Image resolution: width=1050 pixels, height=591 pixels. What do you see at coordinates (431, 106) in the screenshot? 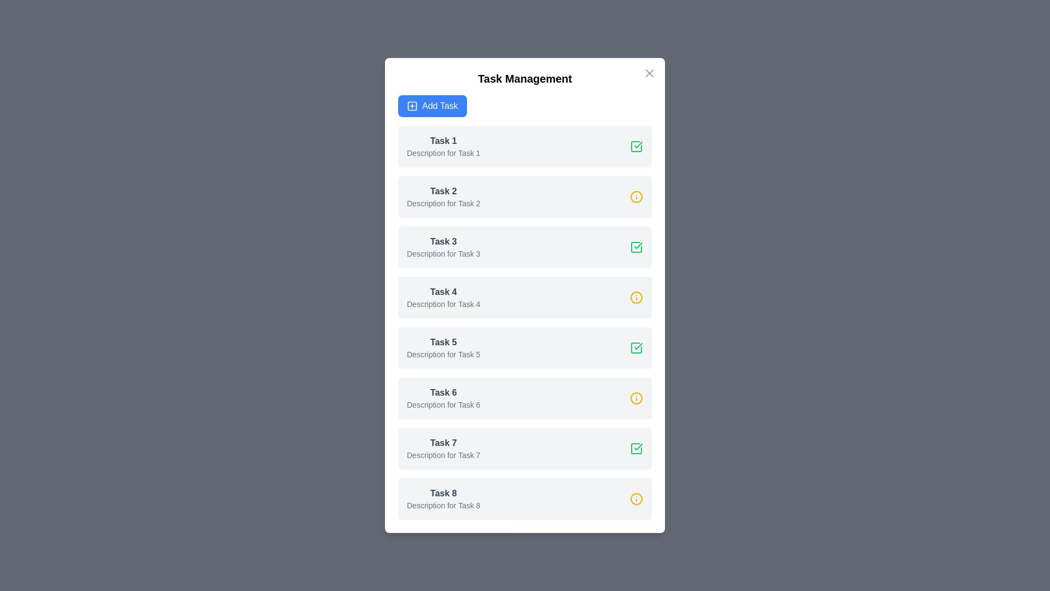
I see `the 'Add Task' button to initiate the process of adding a new task` at bounding box center [431, 106].